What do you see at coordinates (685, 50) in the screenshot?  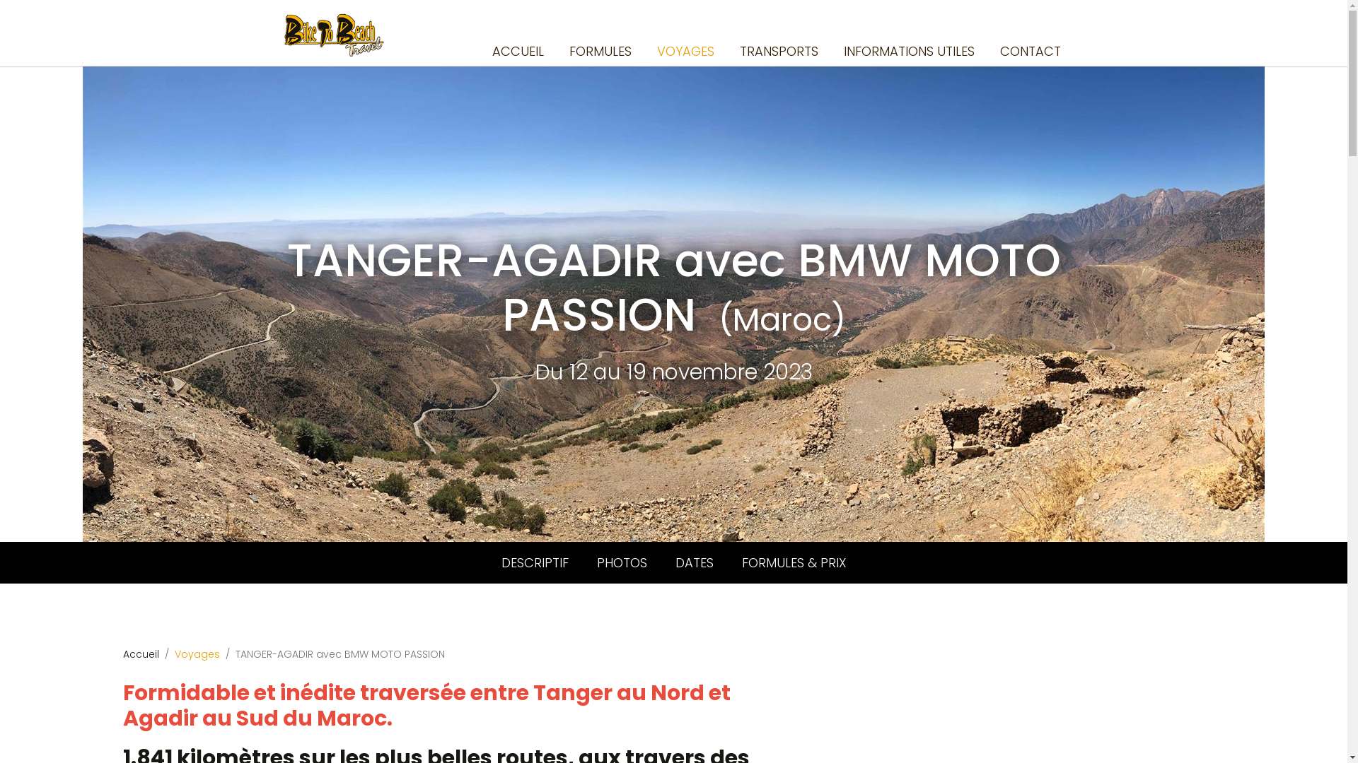 I see `'VOYAGES'` at bounding box center [685, 50].